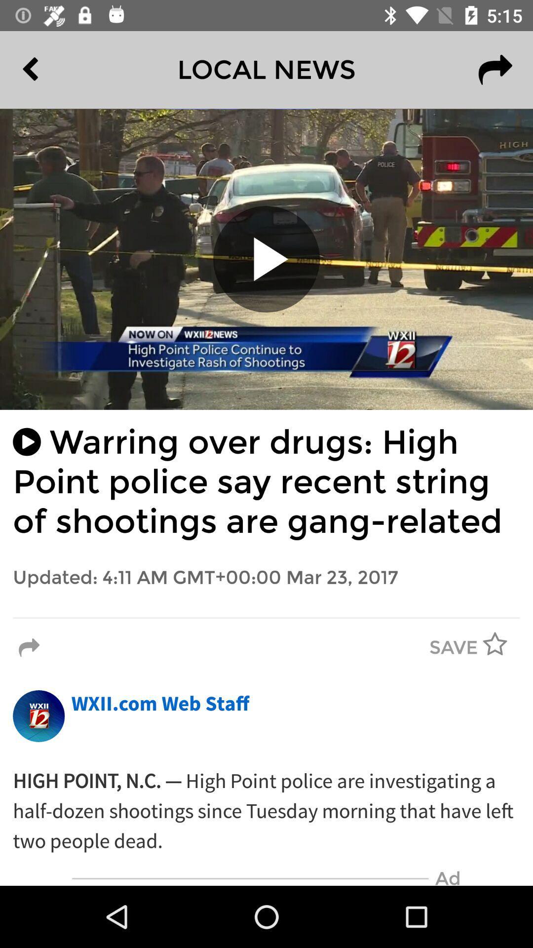  I want to click on the redo icon, so click(495, 69).